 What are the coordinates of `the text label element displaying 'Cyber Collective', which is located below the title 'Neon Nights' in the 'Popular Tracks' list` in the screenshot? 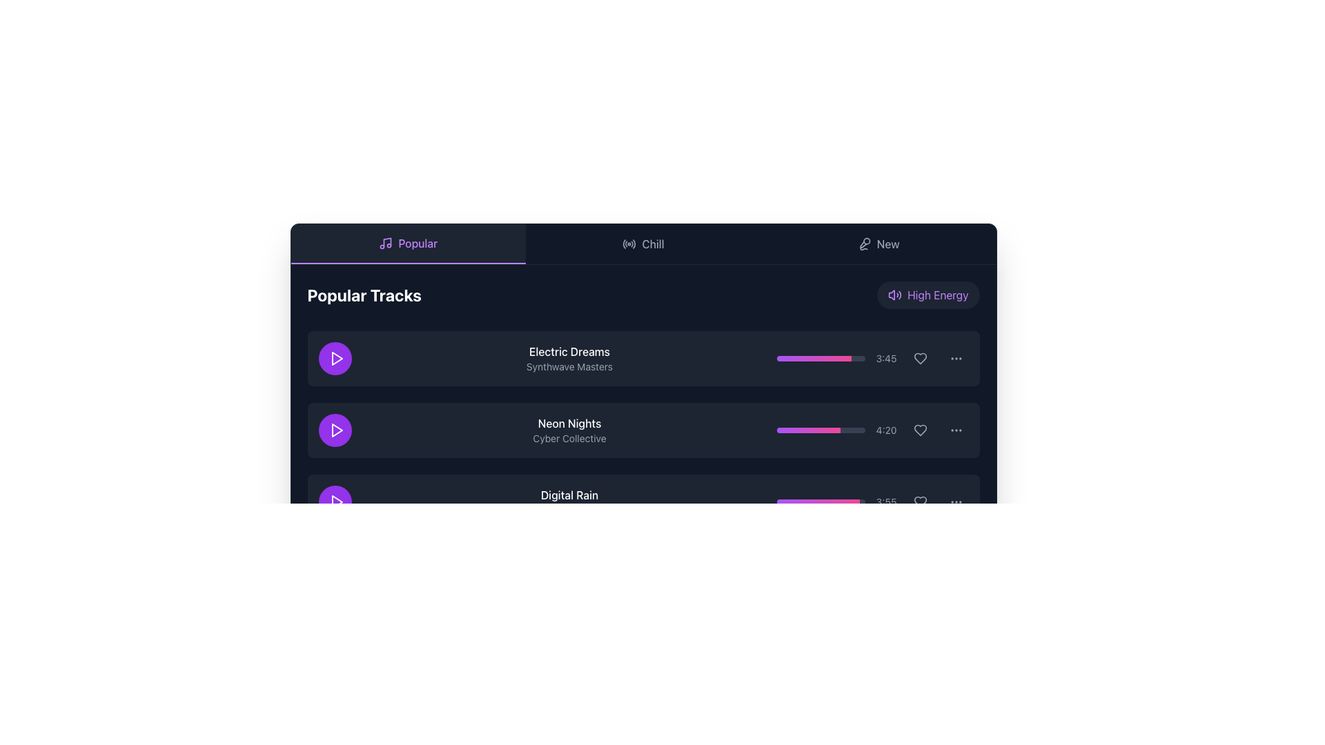 It's located at (569, 439).